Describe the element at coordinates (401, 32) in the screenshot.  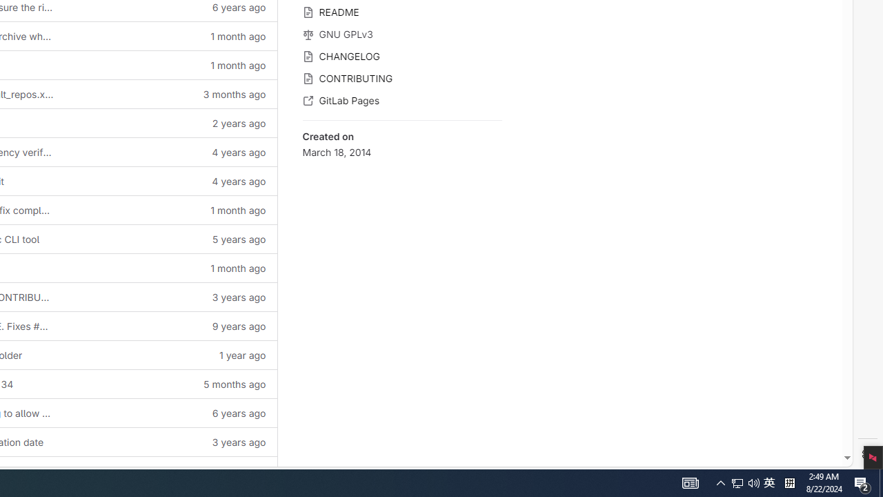
I see `'GNU GPLv3'` at that location.